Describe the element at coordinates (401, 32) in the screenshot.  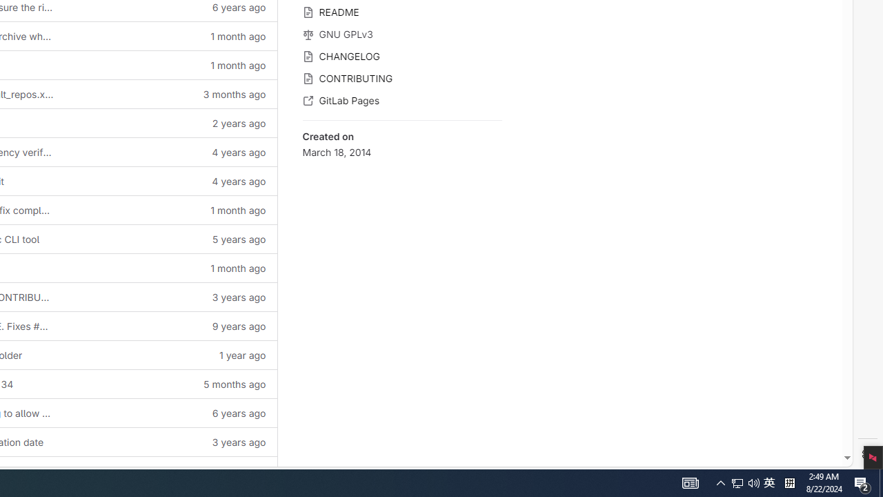
I see `'GNU GPLv3'` at that location.